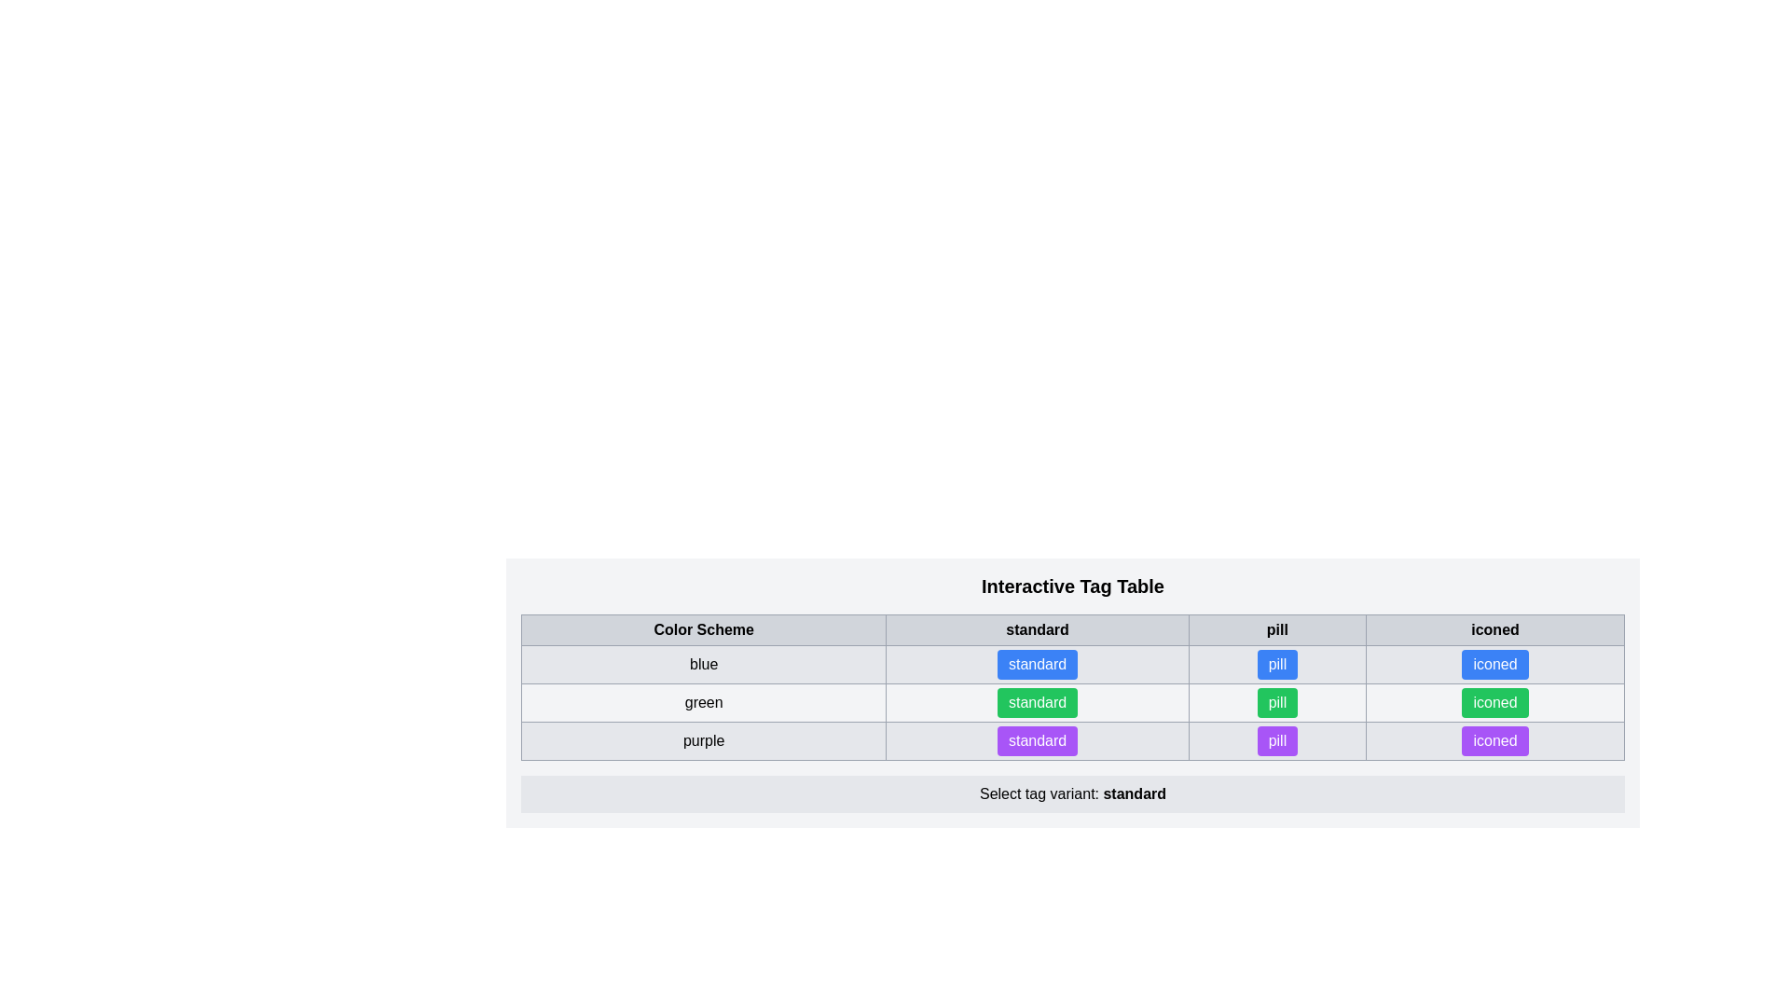 The height and width of the screenshot is (1007, 1790). I want to click on the green rectangular button labeled 'pill' located, so click(1275, 702).